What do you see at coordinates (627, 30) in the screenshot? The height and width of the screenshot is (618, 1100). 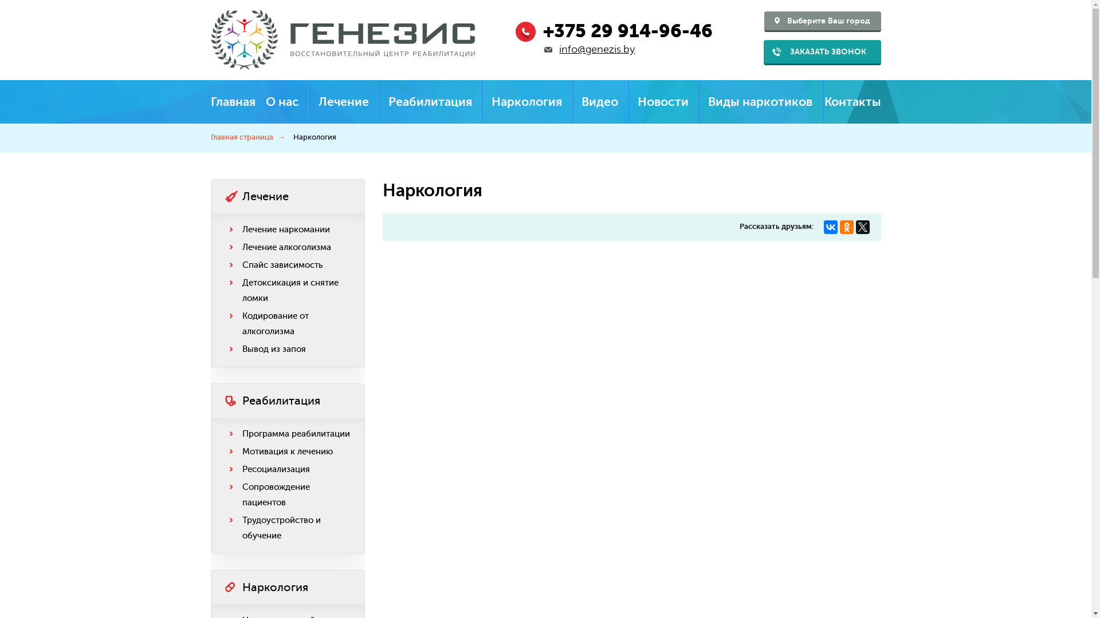 I see `'+375 29 914-96-46'` at bounding box center [627, 30].